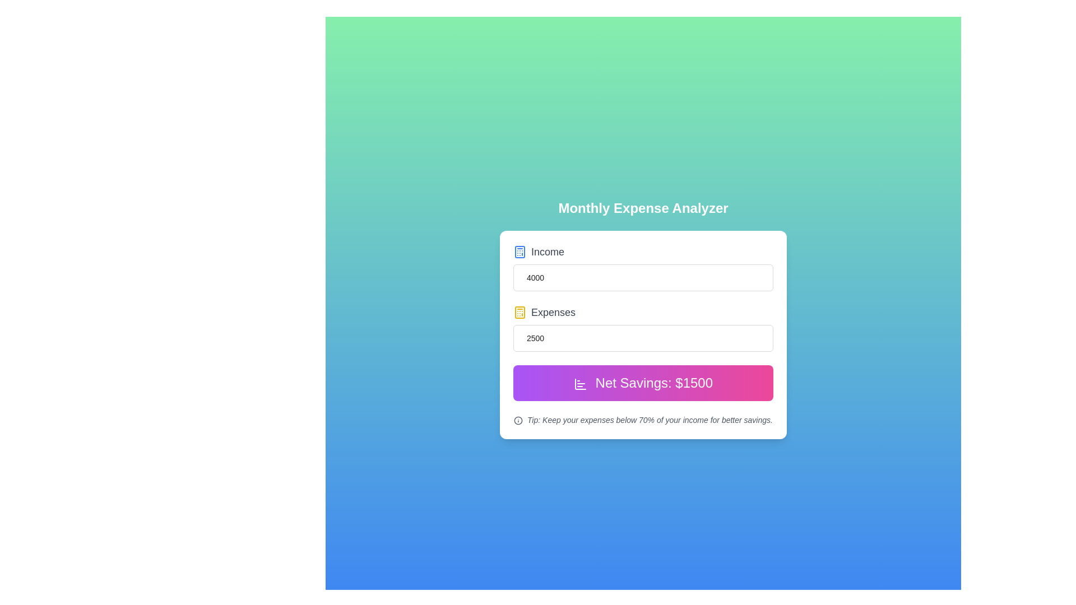  What do you see at coordinates (643, 382) in the screenshot?
I see `the Informational Banner which displays 'Net Savings: $1500' with a gradient background from purple to pink and a bar chart icon on the left` at bounding box center [643, 382].